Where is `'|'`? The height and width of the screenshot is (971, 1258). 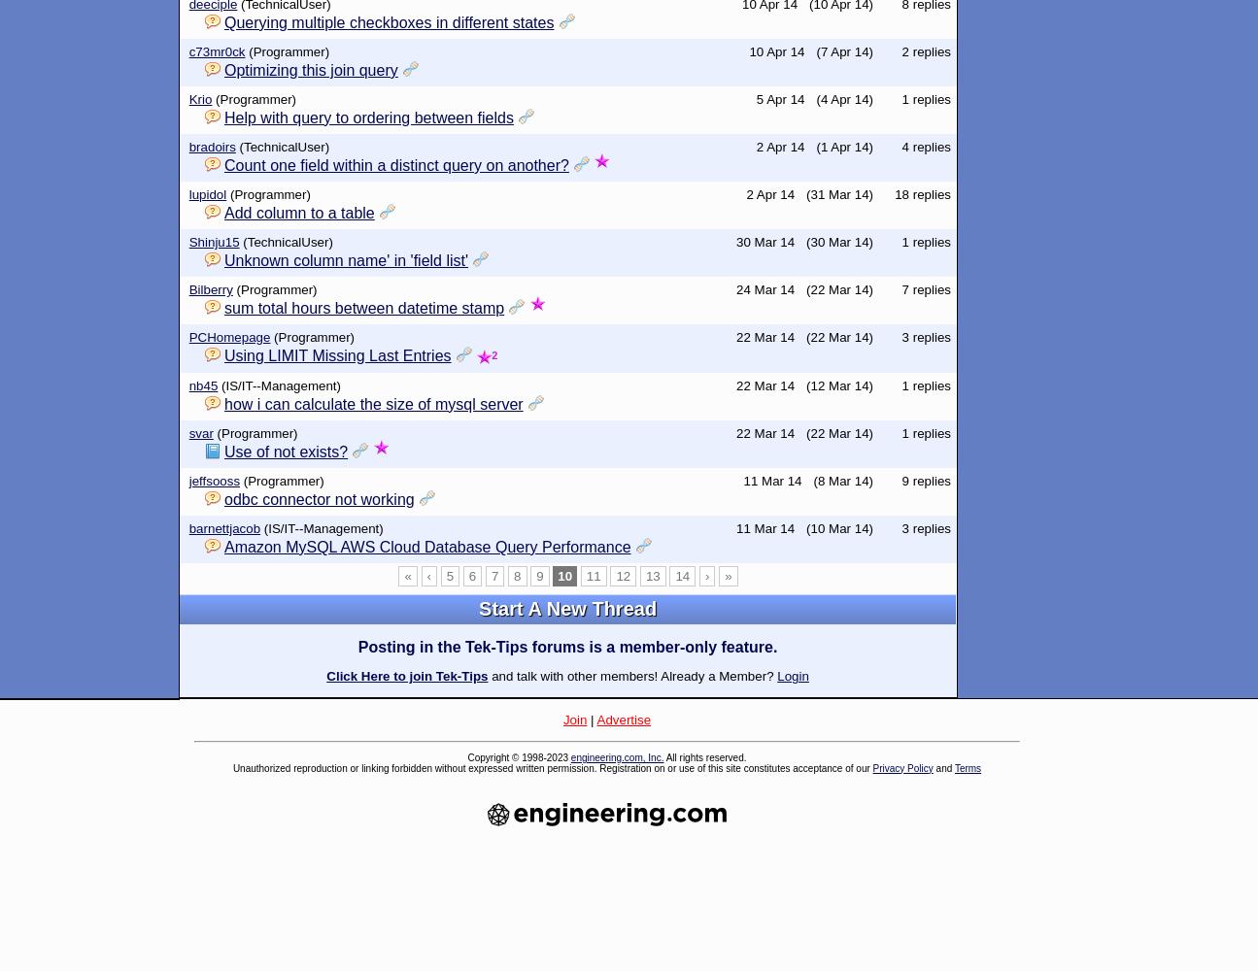 '|' is located at coordinates (590, 719).